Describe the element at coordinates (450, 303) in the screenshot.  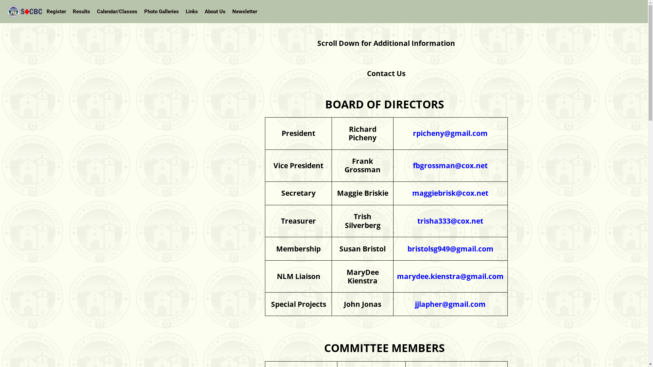
I see `'jjlapher@gmail.com'` at that location.